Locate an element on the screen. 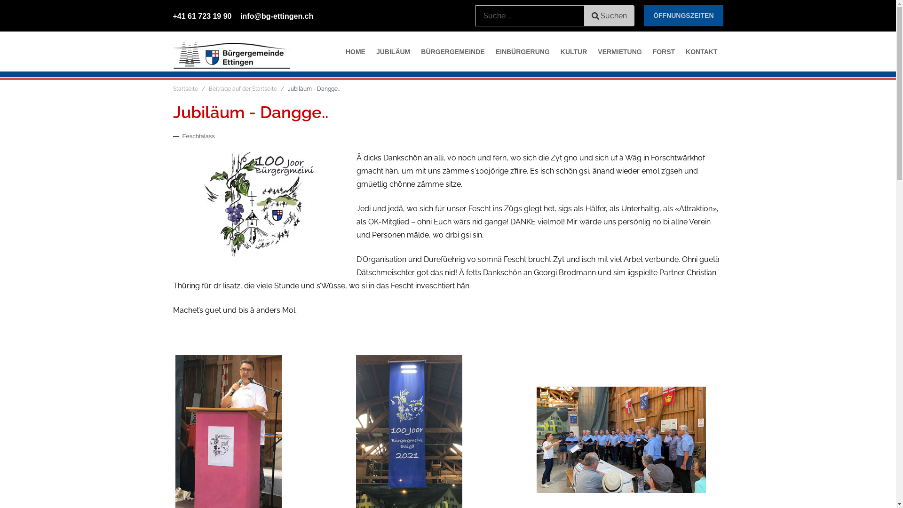  'info@bg-ettingen.ch' is located at coordinates (240, 16).